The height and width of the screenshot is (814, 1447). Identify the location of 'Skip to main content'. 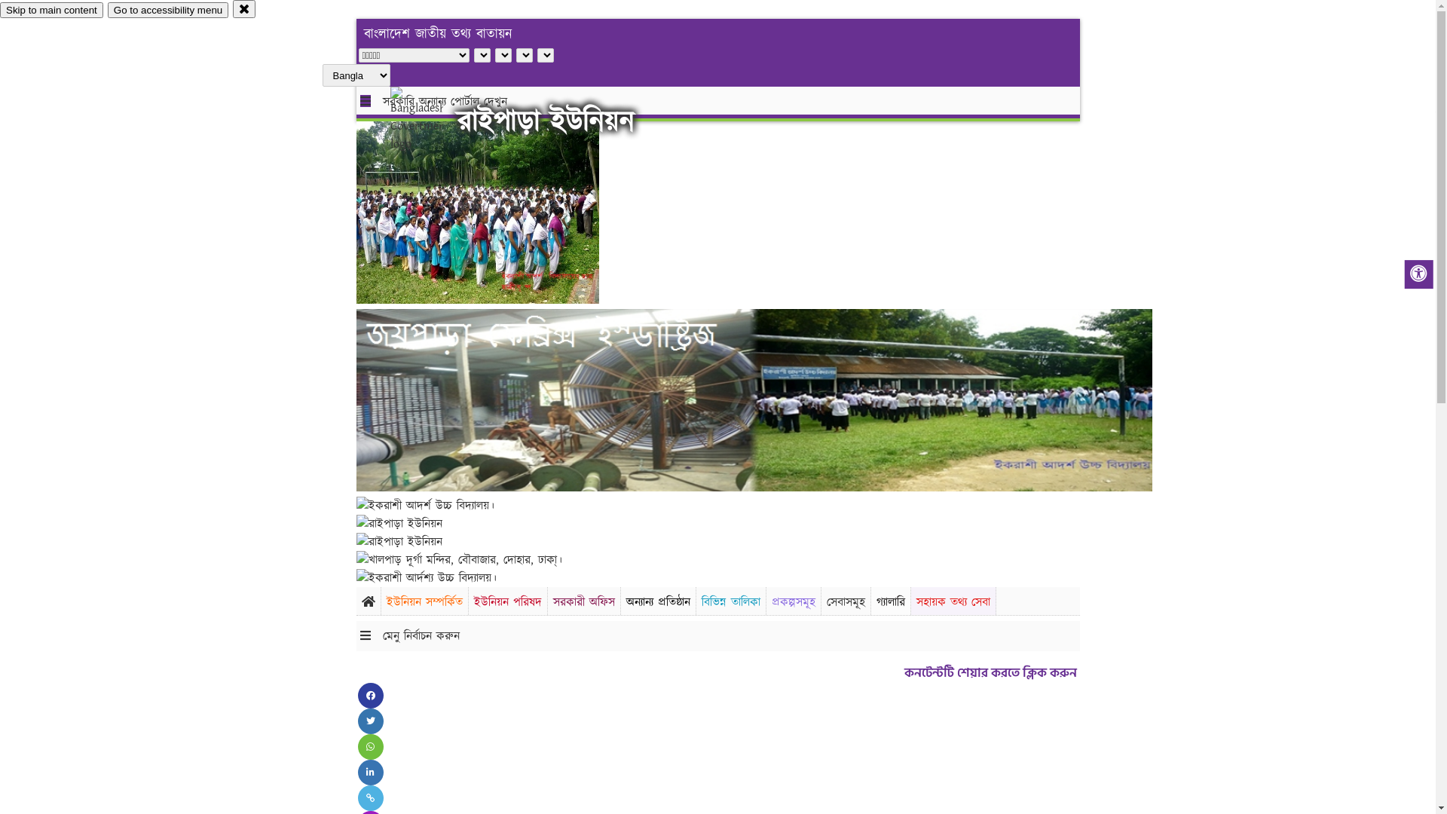
(51, 10).